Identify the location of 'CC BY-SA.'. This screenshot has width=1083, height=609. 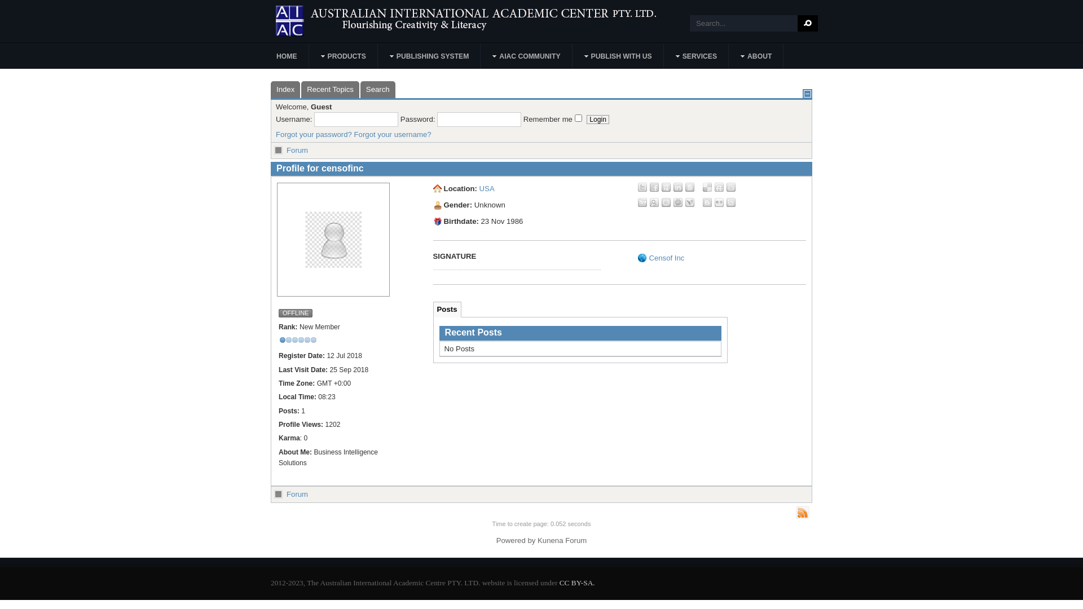
(577, 582).